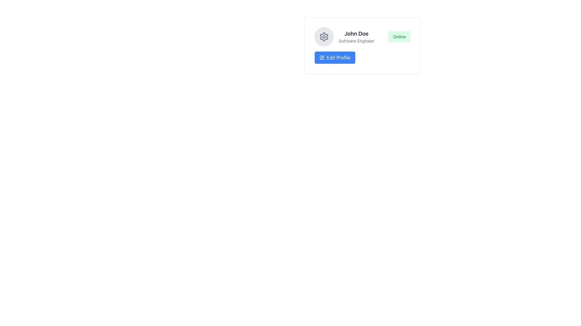 This screenshot has height=326, width=581. Describe the element at coordinates (323, 37) in the screenshot. I see `the circular icon button with a gear symbol located at the top-left corner of the profile display section, to the left of the text elements 'John Doe' and 'Software Engineer'` at that location.